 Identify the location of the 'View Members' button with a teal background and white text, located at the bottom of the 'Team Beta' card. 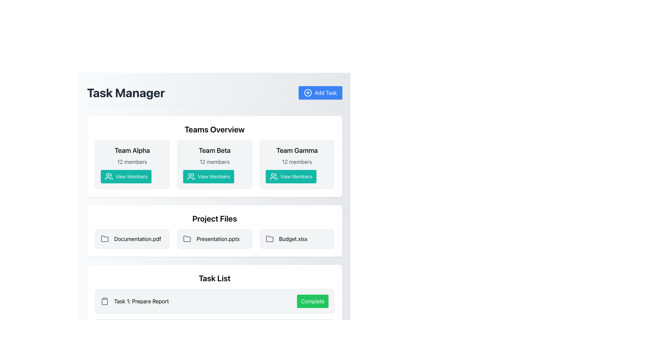
(208, 176).